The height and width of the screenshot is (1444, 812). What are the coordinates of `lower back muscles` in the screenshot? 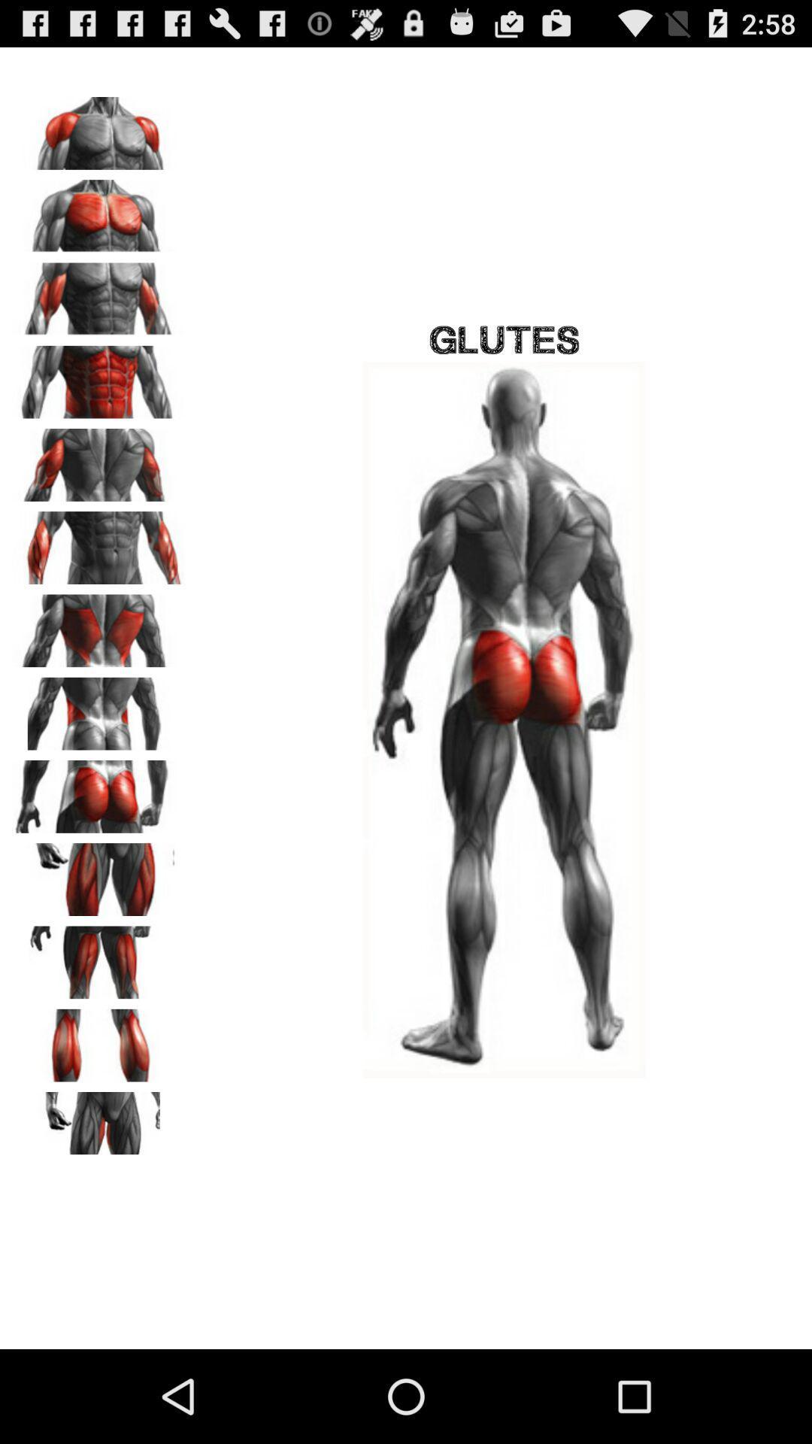 It's located at (98, 708).